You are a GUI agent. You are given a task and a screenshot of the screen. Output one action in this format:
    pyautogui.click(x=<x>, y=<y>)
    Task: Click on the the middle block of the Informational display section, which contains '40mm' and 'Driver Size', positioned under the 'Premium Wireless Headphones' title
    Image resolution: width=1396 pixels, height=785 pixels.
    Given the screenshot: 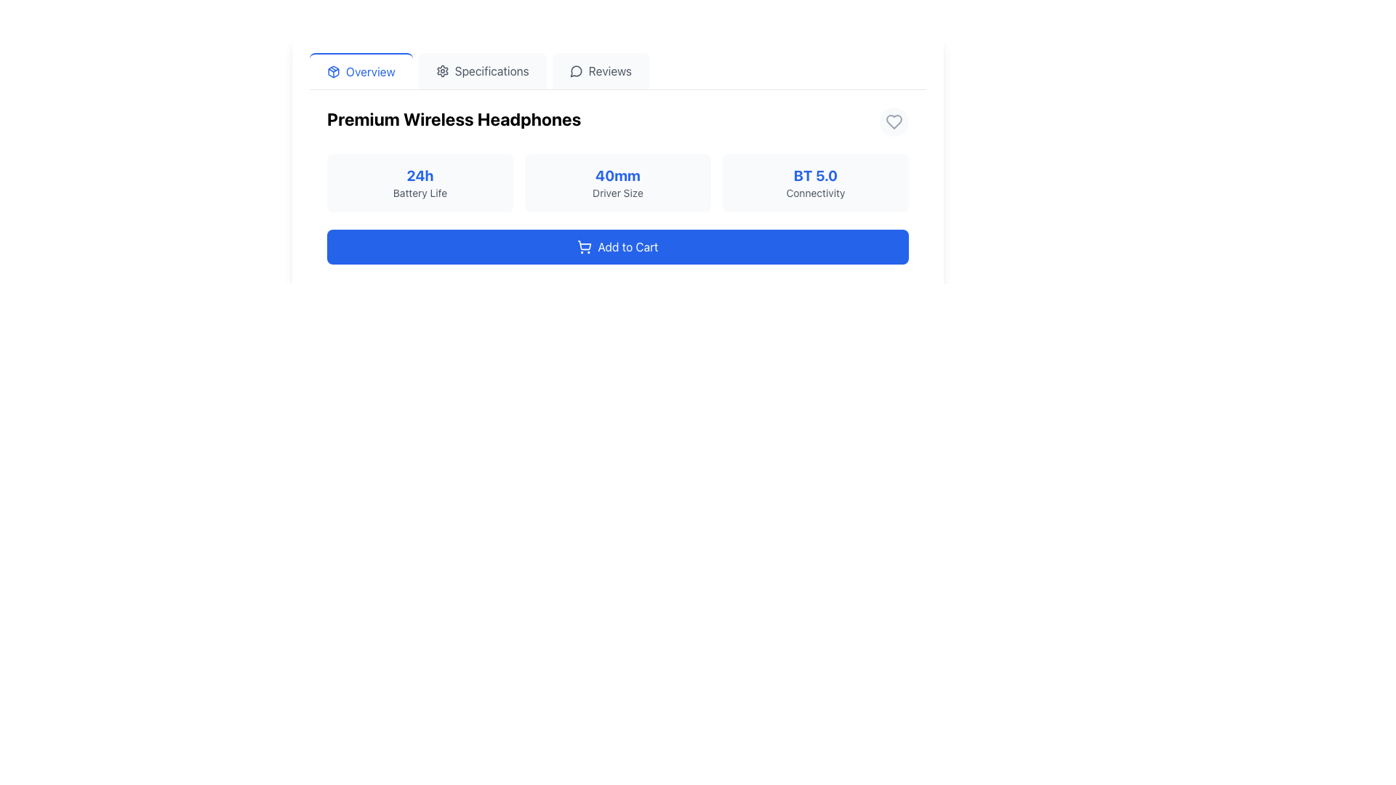 What is the action you would take?
    pyautogui.click(x=617, y=159)
    